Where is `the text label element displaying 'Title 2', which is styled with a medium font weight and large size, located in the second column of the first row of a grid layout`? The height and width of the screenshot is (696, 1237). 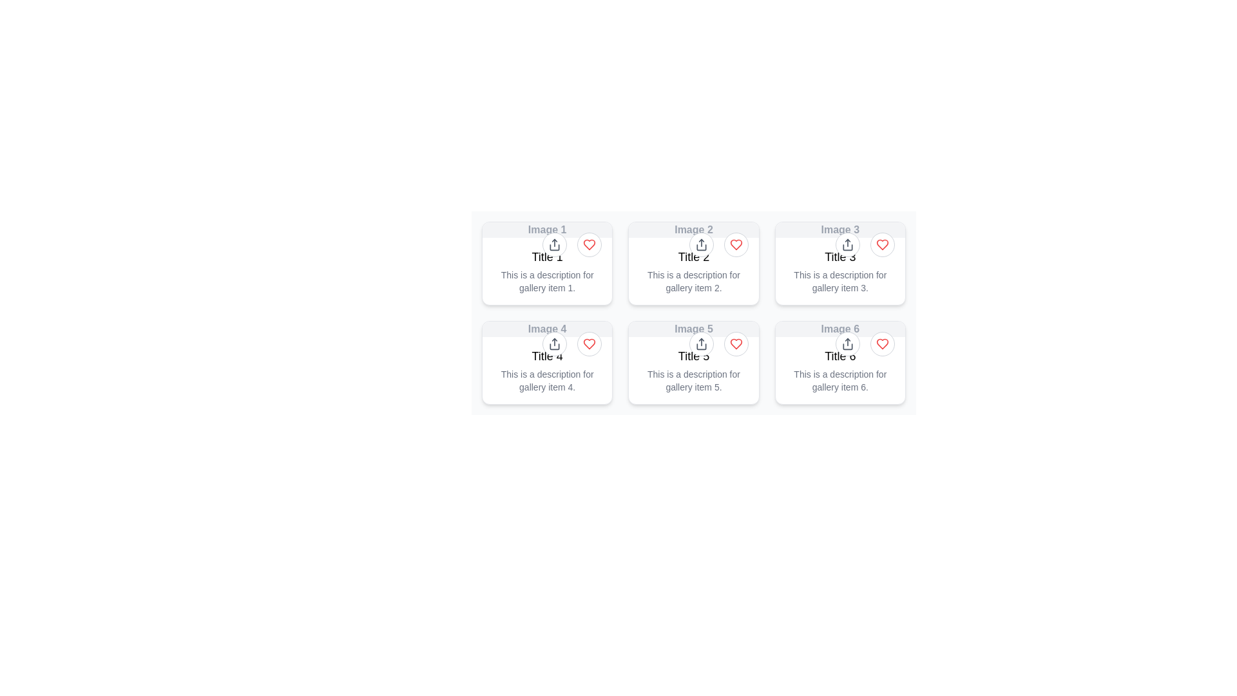 the text label element displaying 'Title 2', which is styled with a medium font weight and large size, located in the second column of the first row of a grid layout is located at coordinates (693, 256).